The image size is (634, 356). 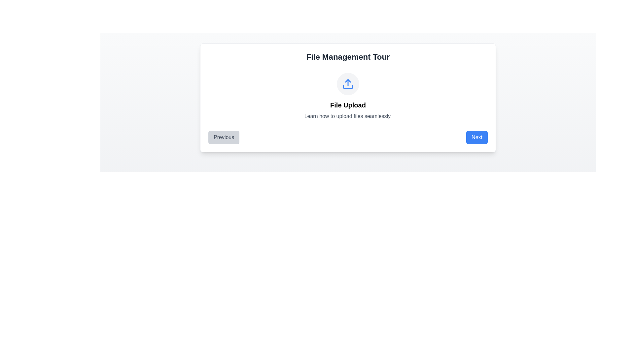 What do you see at coordinates (348, 116) in the screenshot?
I see `the descriptive subtitle text label for the 'File Upload' section, located below the 'File Upload' title and centered horizontally` at bounding box center [348, 116].